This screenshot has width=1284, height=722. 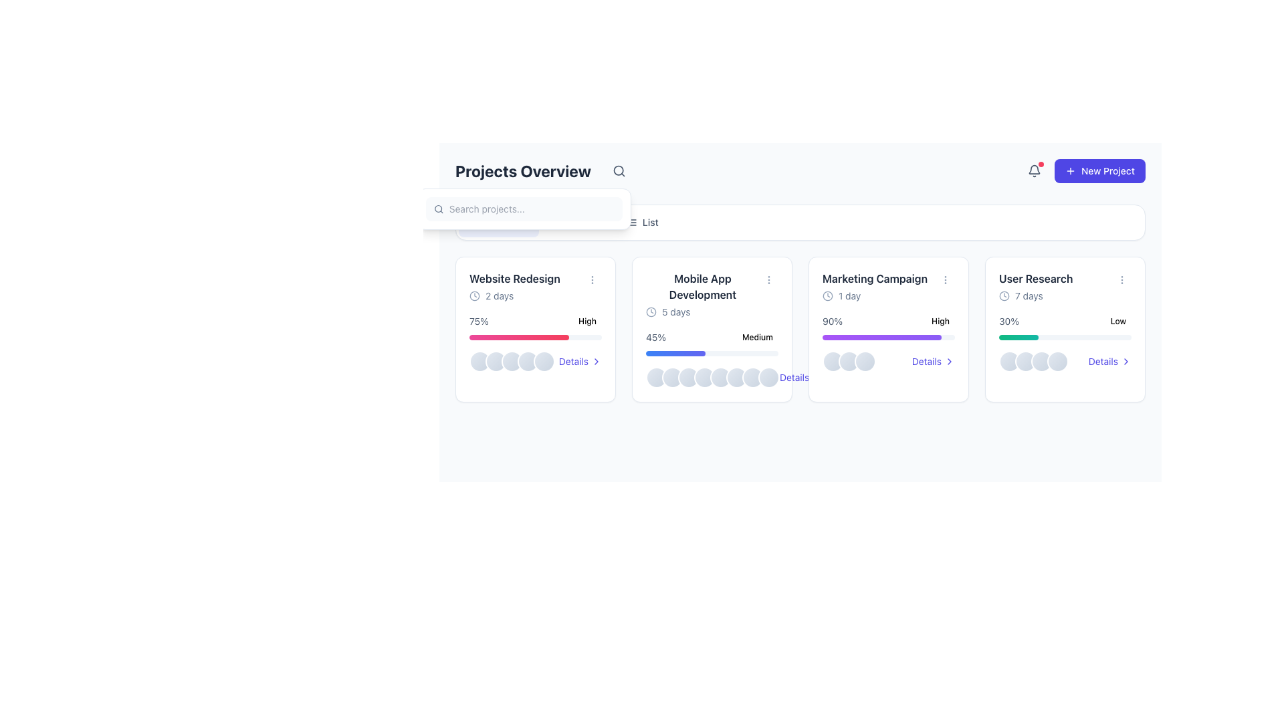 What do you see at coordinates (1100, 170) in the screenshot?
I see `the indigo button with a white plus sign icon and the text 'New Project' located at the top-right of the interface` at bounding box center [1100, 170].